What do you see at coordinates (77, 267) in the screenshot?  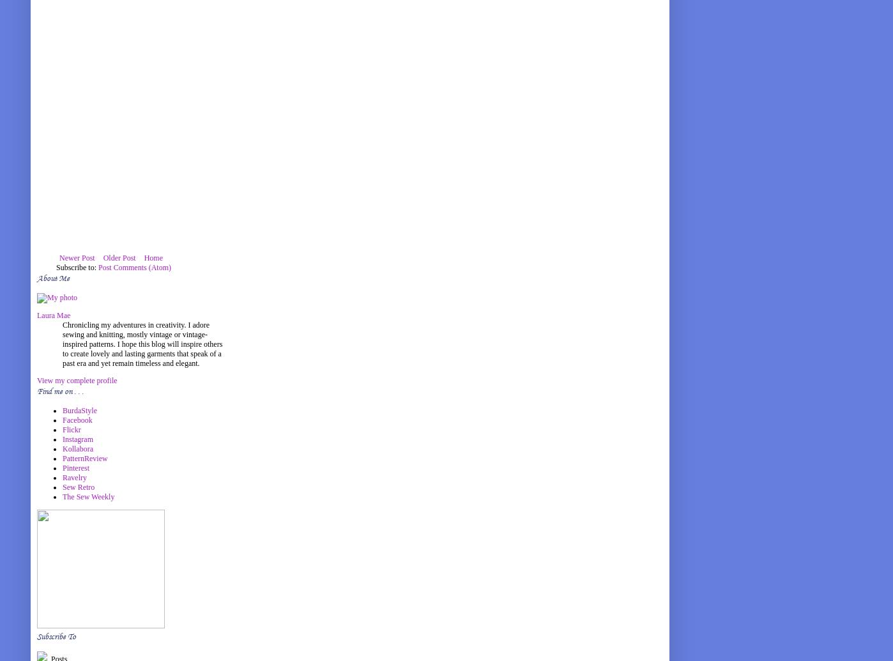 I see `'Subscribe to:'` at bounding box center [77, 267].